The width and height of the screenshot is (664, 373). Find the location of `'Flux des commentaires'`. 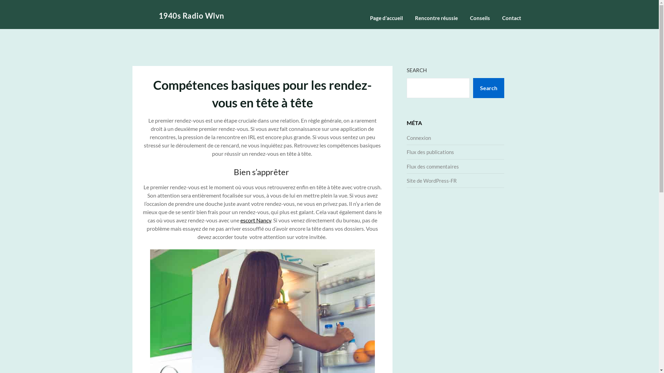

'Flux des commentaires' is located at coordinates (432, 166).